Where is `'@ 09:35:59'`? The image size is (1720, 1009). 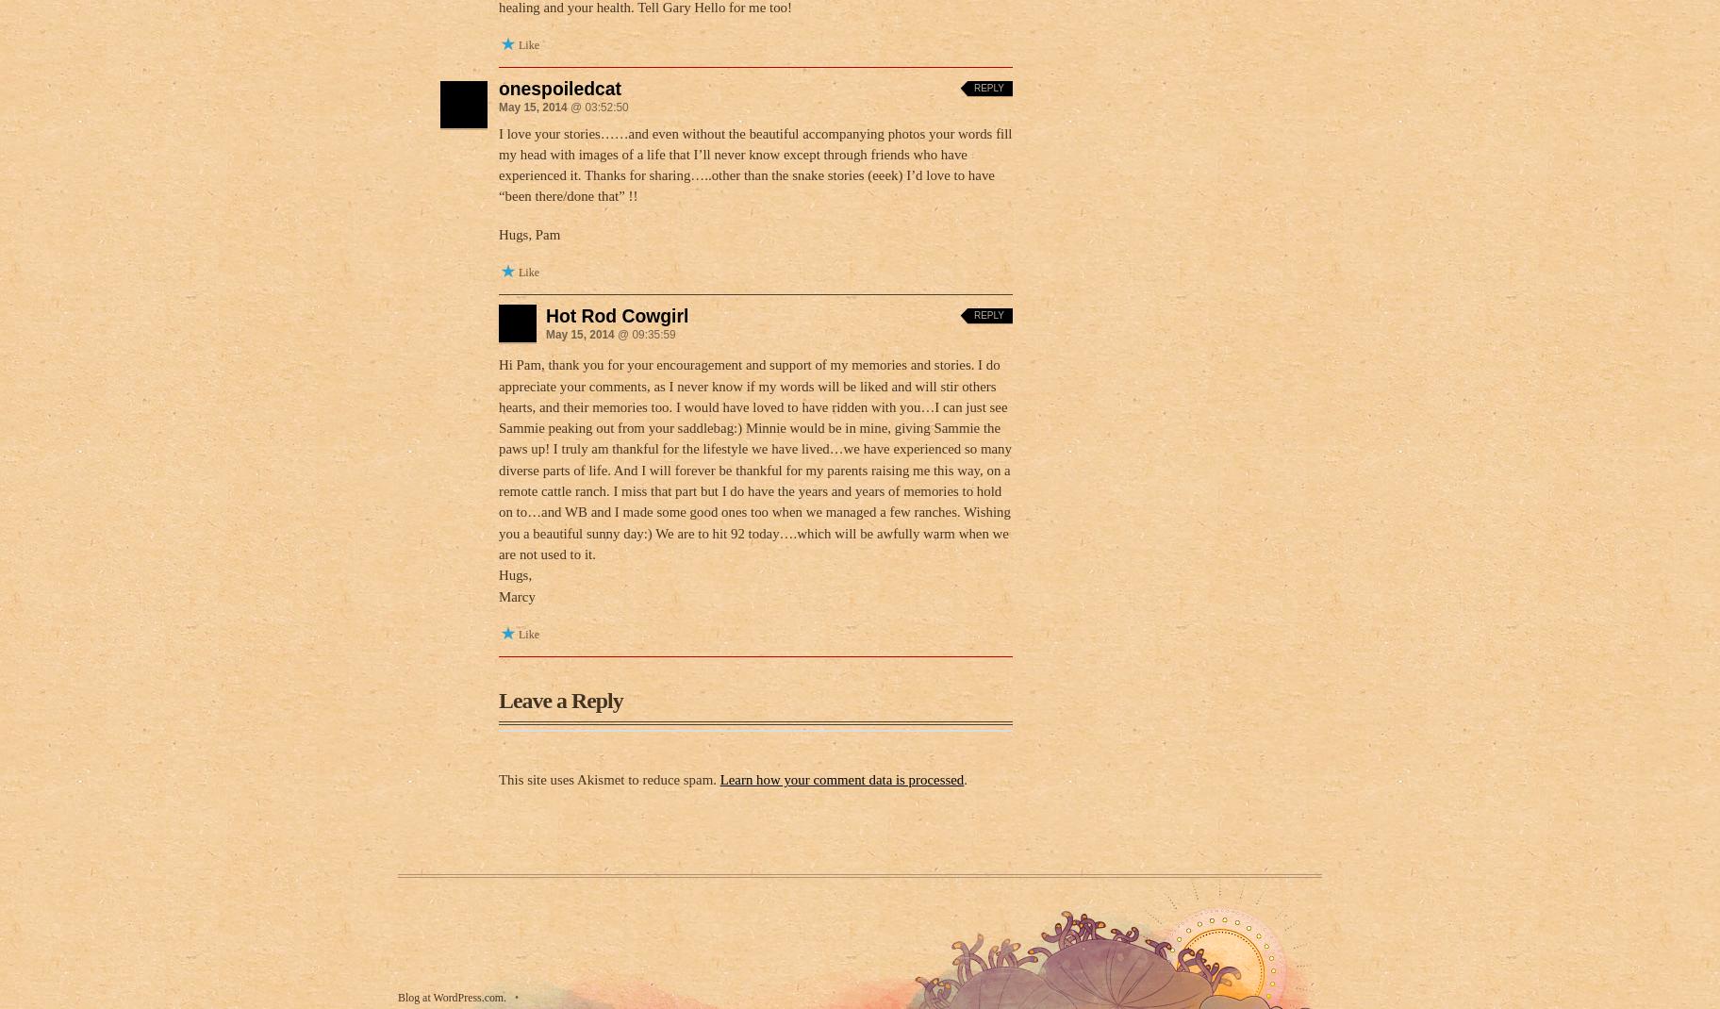 '@ 09:35:59' is located at coordinates (643, 333).